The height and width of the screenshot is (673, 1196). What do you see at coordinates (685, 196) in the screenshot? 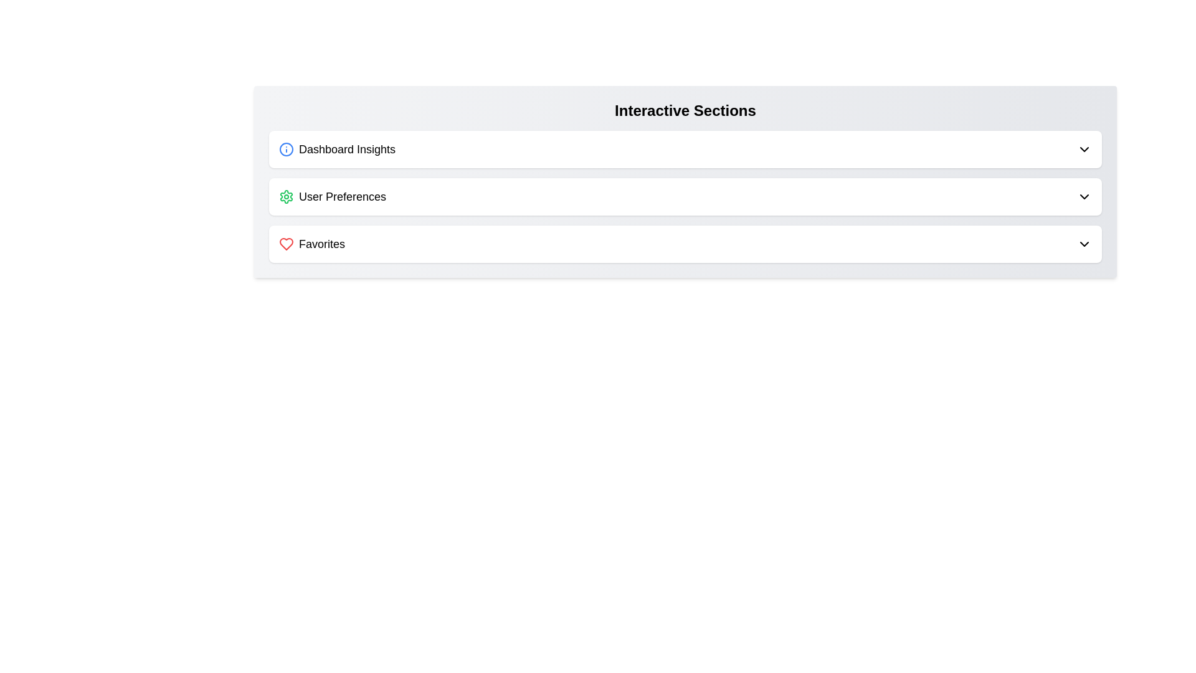
I see `the second selectable item in the list under 'Interactive Sections'` at bounding box center [685, 196].